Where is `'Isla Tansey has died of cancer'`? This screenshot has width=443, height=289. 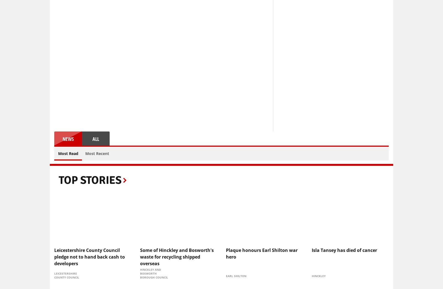
'Isla Tansey has died of cancer' is located at coordinates (311, 250).